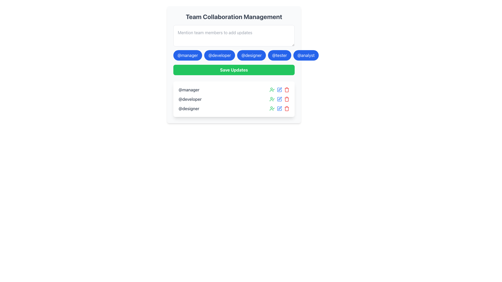 Image resolution: width=502 pixels, height=282 pixels. What do you see at coordinates (272, 108) in the screenshot?
I see `the icon button located to the right of the text '@designer'` at bounding box center [272, 108].